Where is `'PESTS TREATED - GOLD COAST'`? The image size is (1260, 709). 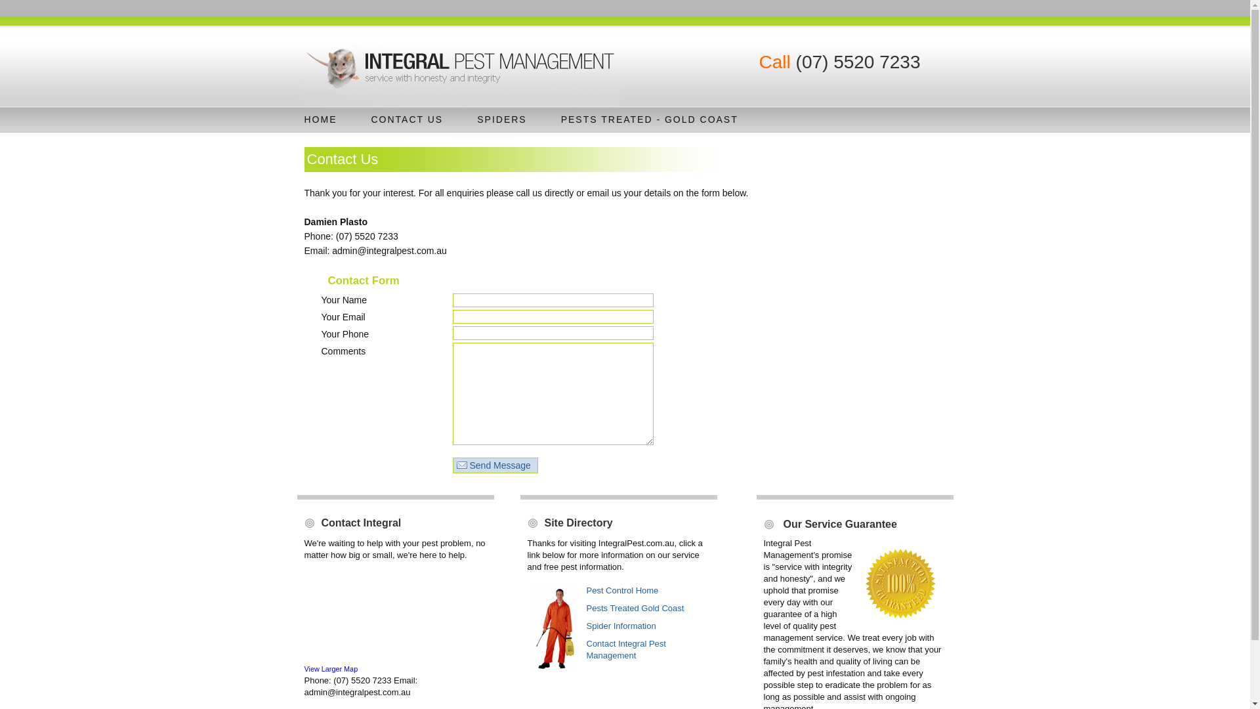 'PESTS TREATED - GOLD COAST' is located at coordinates (649, 119).